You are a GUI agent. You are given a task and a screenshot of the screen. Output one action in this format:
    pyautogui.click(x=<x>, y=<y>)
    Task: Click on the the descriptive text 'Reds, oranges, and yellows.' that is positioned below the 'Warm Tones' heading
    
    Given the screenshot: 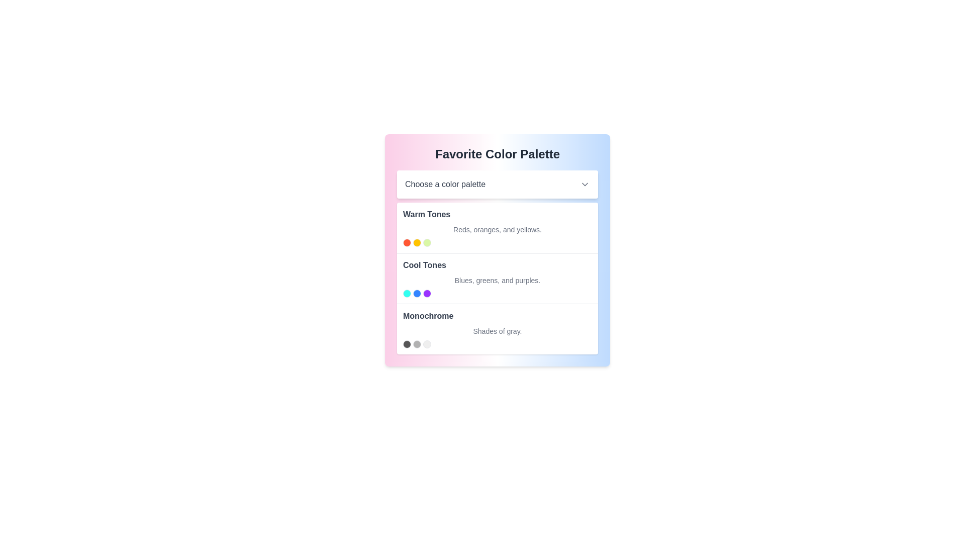 What is the action you would take?
    pyautogui.click(x=497, y=229)
    